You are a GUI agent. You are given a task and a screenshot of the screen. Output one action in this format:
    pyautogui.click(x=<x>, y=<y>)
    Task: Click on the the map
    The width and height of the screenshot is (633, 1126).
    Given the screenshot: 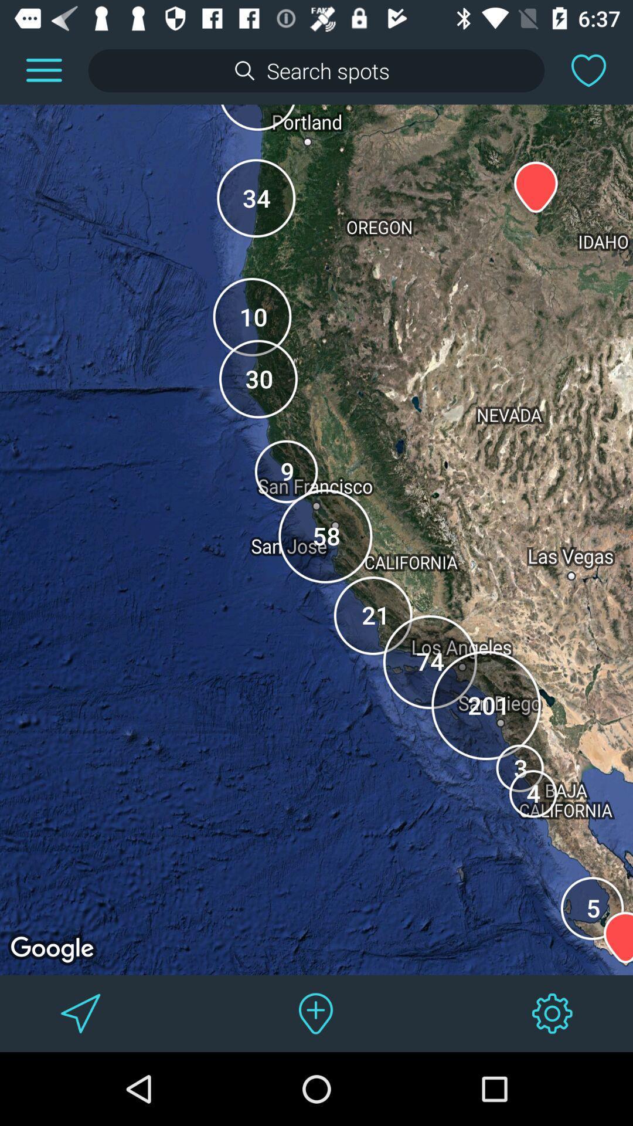 What is the action you would take?
    pyautogui.click(x=588, y=70)
    